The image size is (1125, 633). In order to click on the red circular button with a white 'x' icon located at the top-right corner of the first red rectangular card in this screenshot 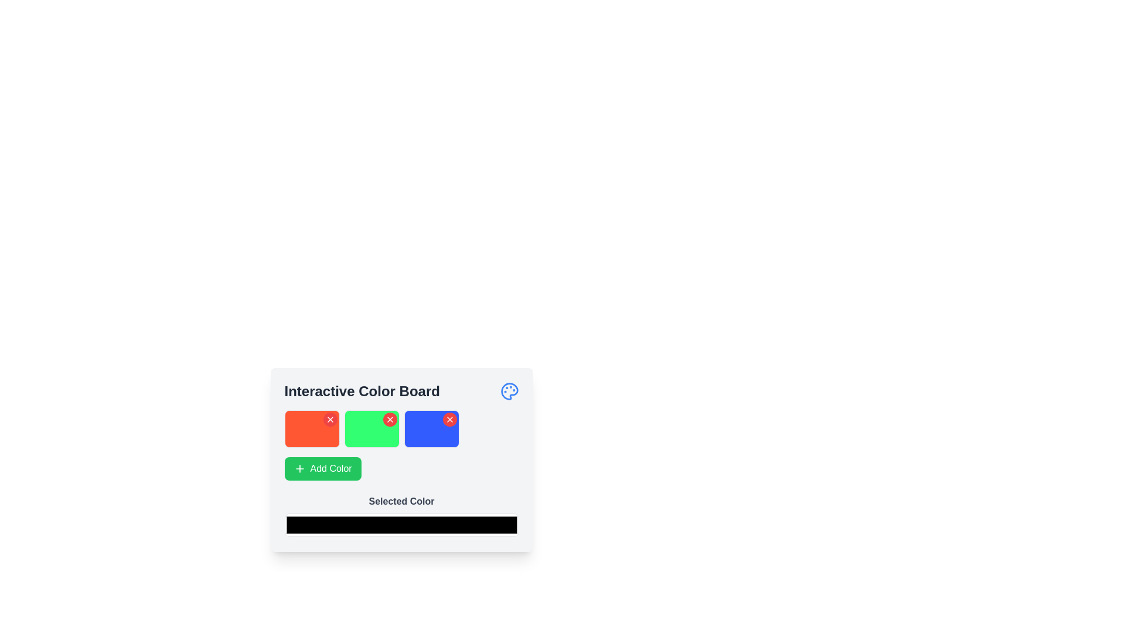, I will do `click(329, 419)`.